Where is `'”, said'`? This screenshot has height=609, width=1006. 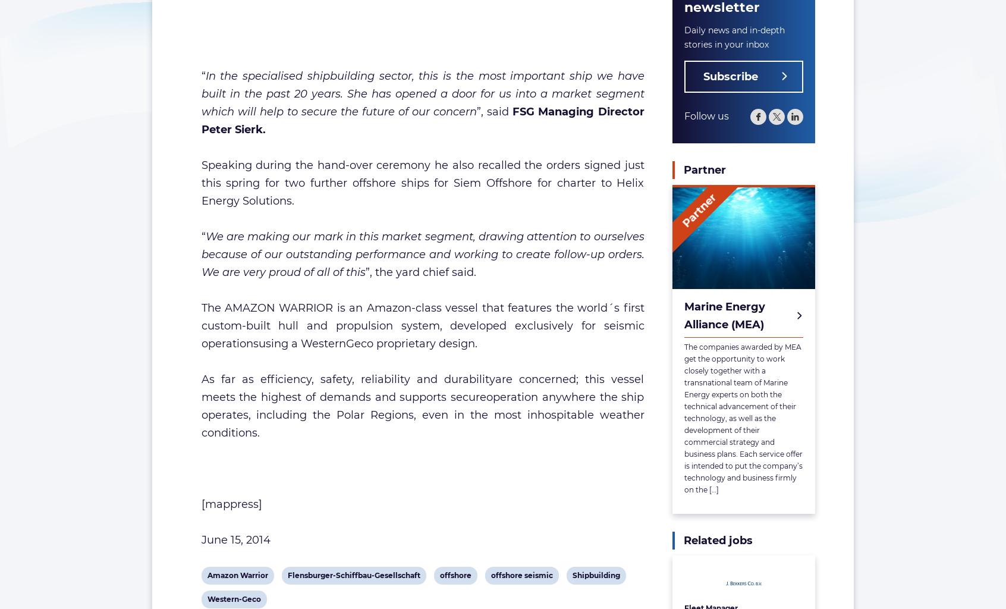
'”, said' is located at coordinates (494, 112).